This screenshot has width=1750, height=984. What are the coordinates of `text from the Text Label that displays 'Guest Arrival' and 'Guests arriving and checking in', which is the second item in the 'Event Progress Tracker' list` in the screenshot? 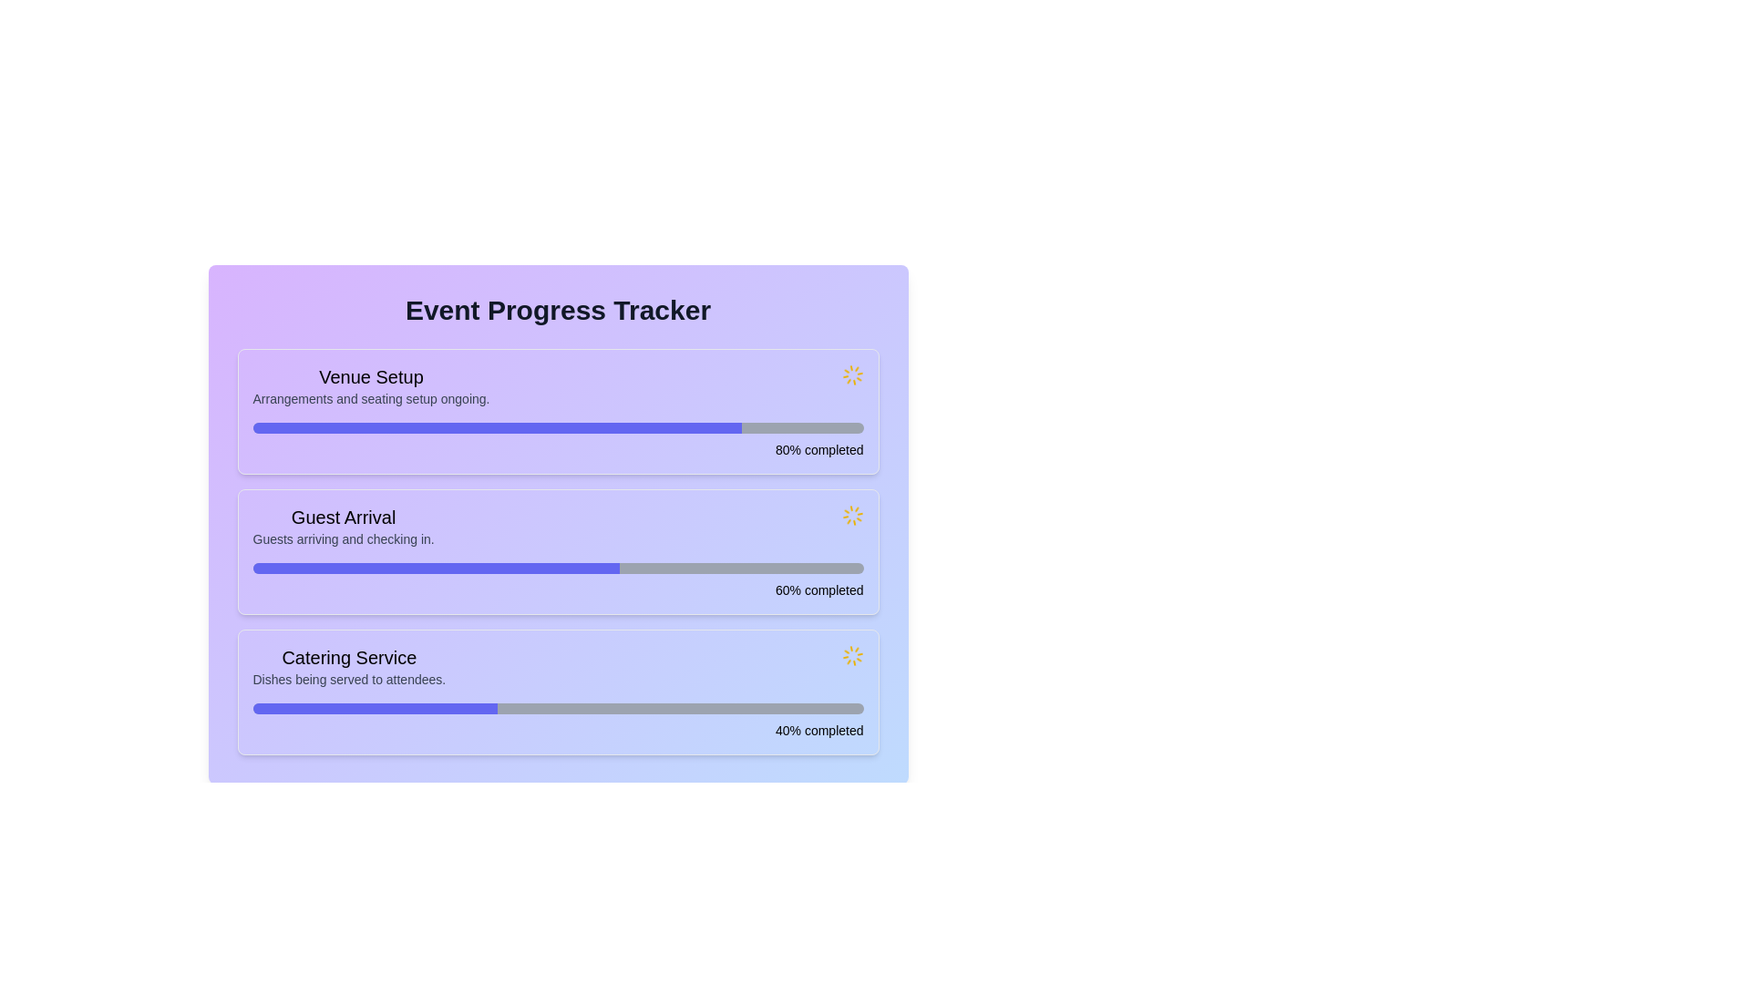 It's located at (344, 527).